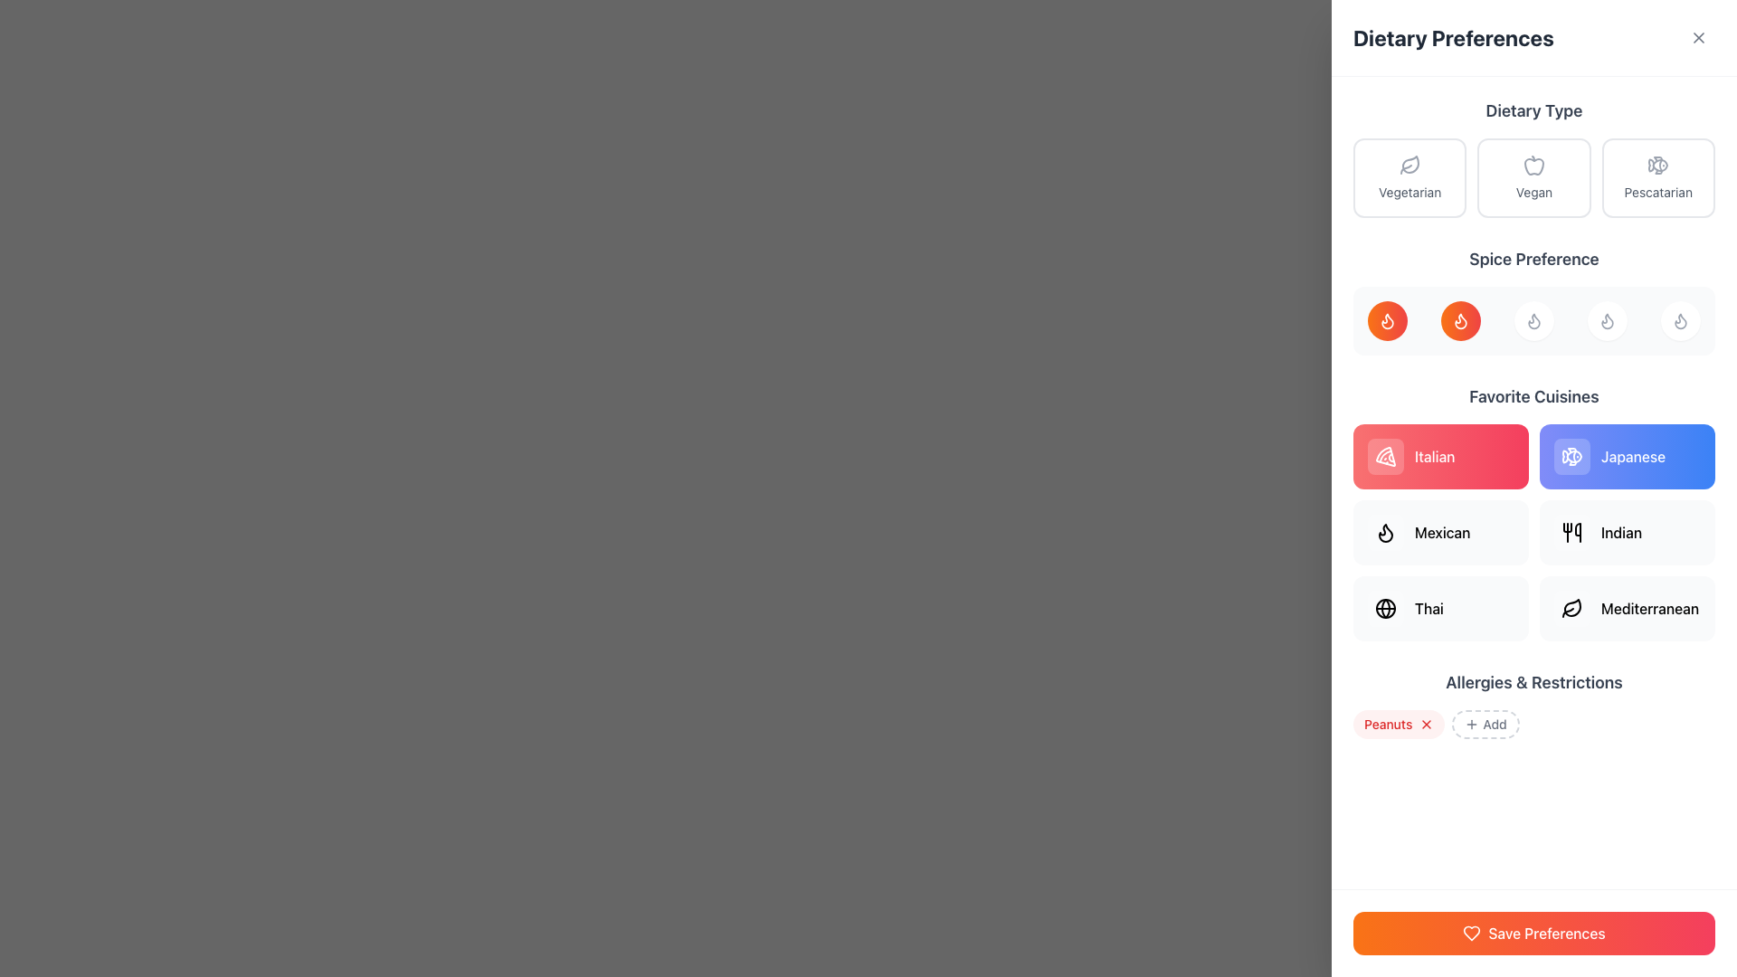 The width and height of the screenshot is (1737, 977). Describe the element at coordinates (1697, 38) in the screenshot. I see `the close button located at the top-right corner of the 'Dietary Preferences' panel` at that location.